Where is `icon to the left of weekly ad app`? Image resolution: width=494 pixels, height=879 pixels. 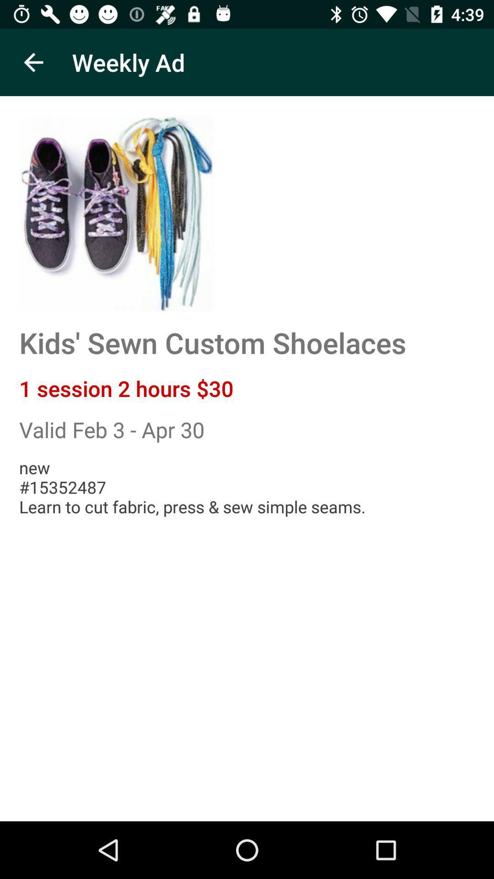 icon to the left of weekly ad app is located at coordinates (33, 62).